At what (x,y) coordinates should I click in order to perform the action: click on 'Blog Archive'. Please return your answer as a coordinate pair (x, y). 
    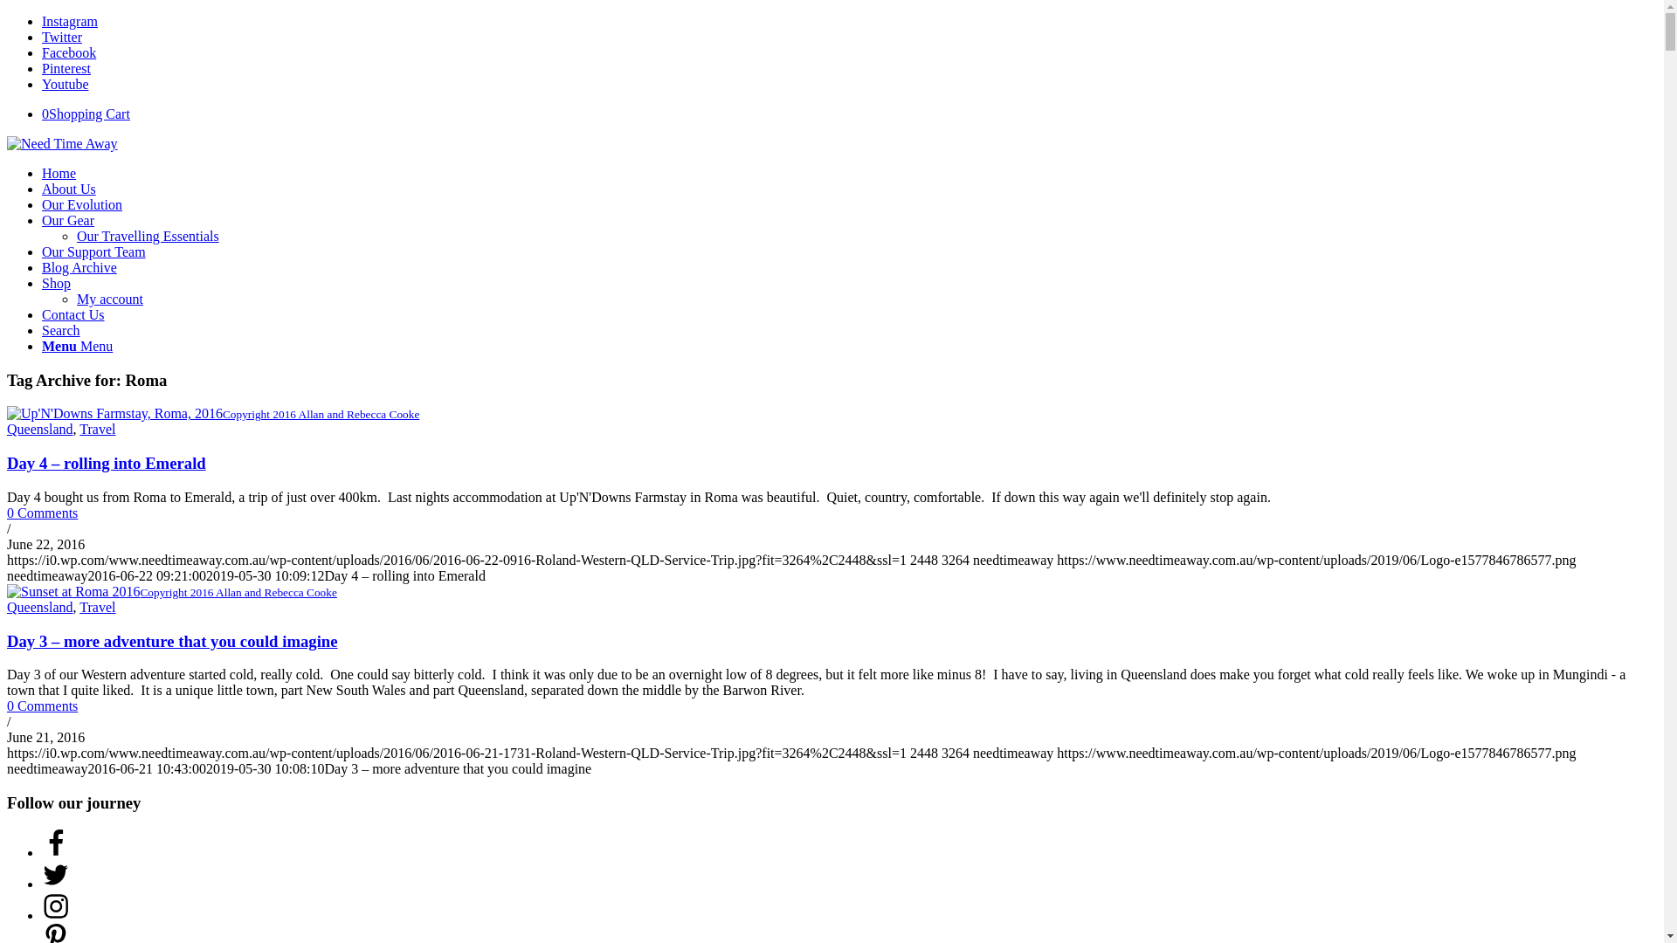
    Looking at the image, I should click on (79, 267).